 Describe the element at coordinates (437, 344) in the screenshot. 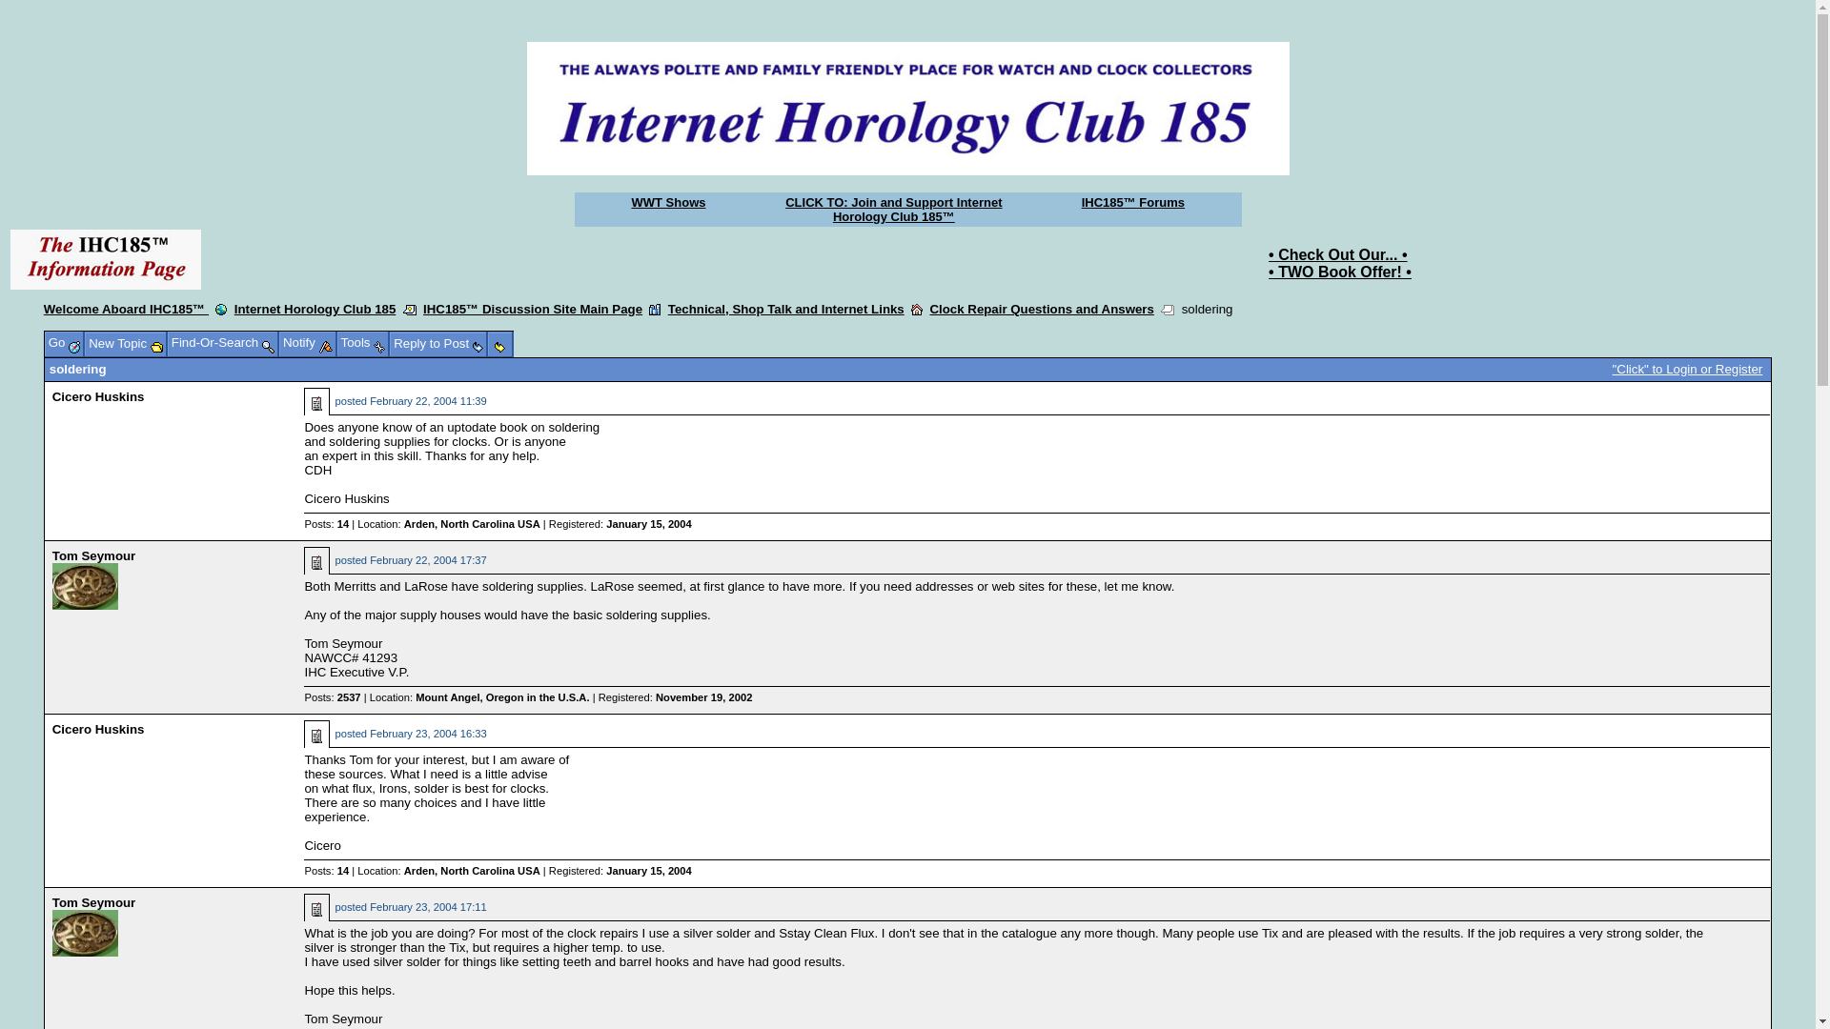

I see `'Reply to Post'` at that location.